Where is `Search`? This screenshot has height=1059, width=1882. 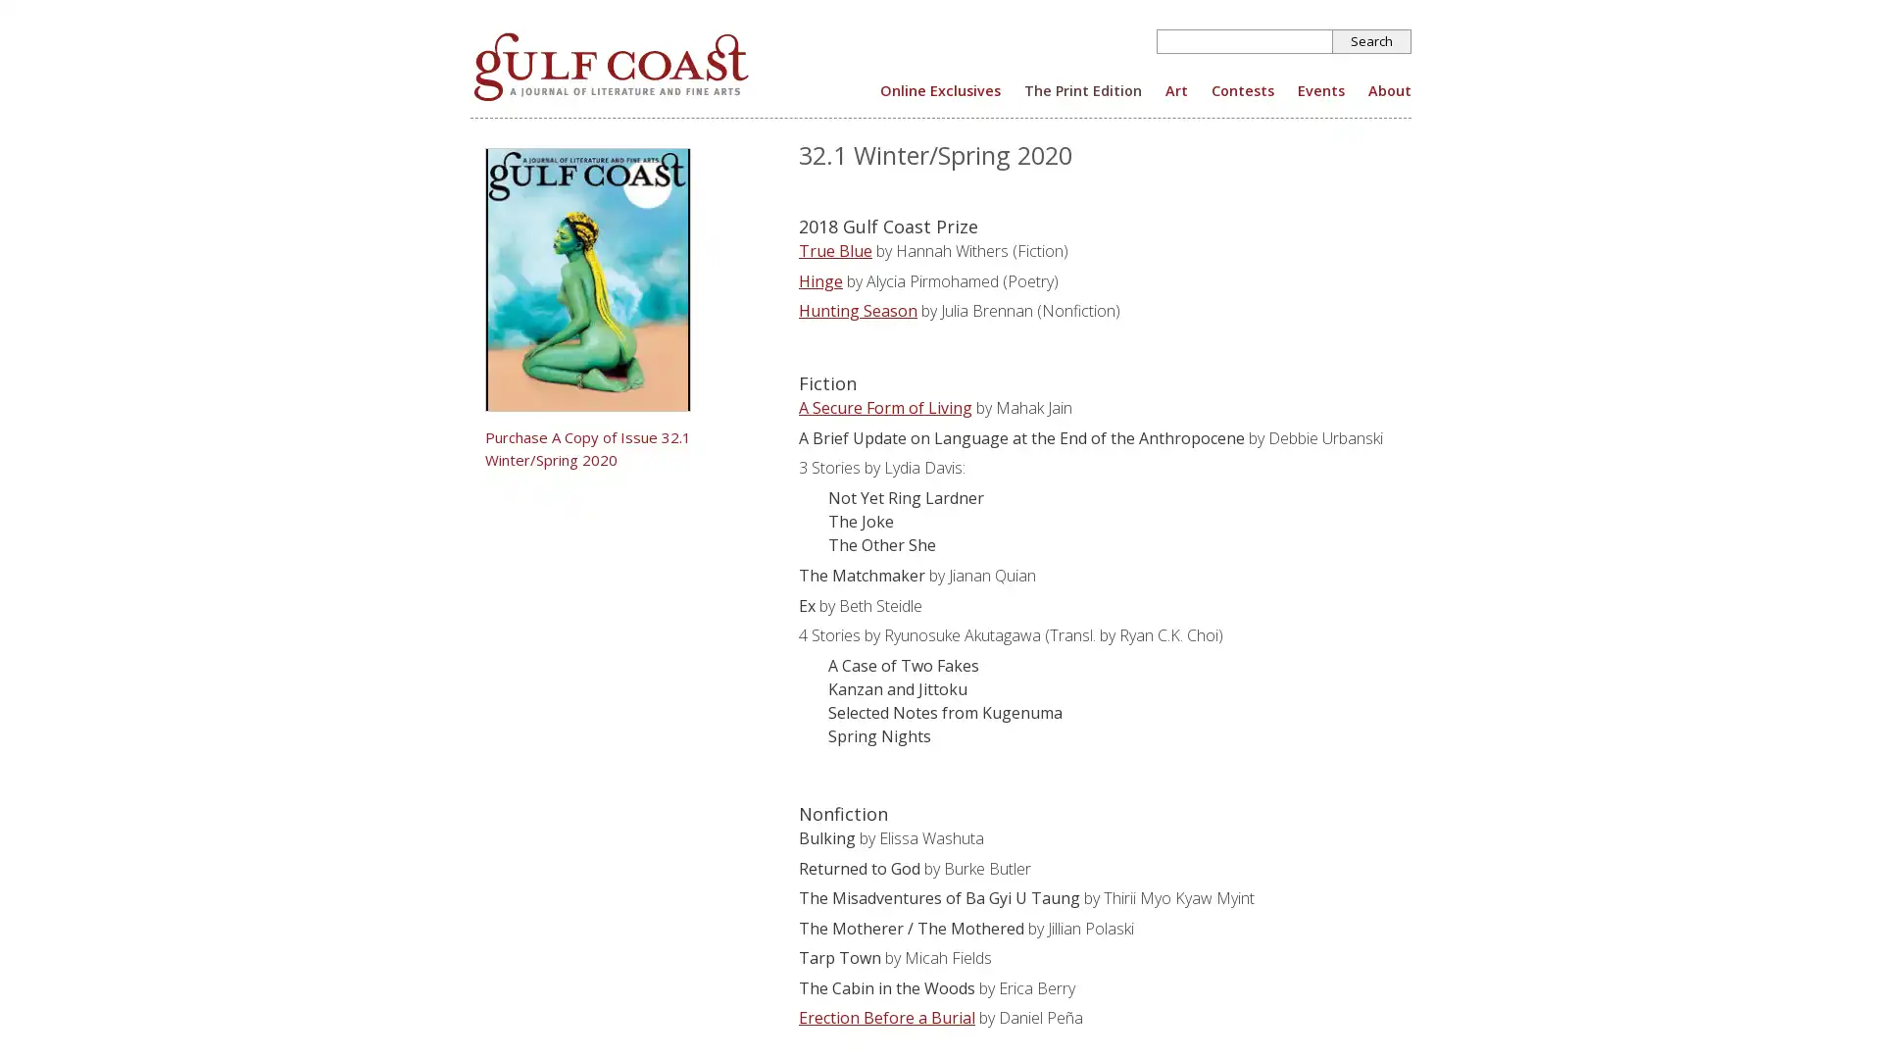 Search is located at coordinates (1371, 41).